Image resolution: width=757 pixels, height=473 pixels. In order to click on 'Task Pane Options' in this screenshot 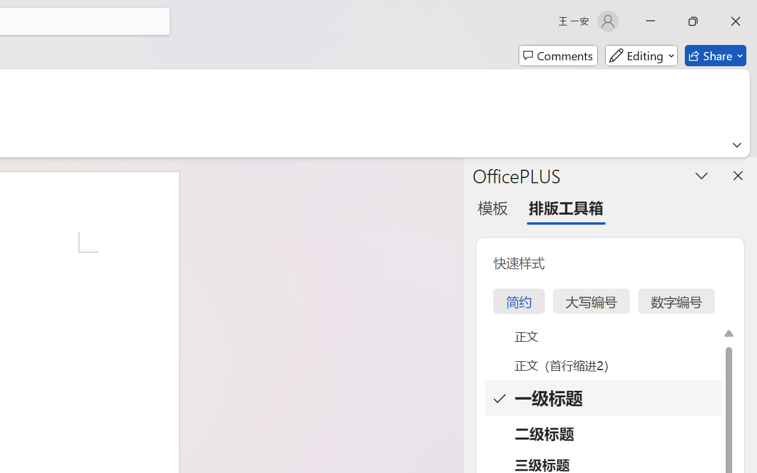, I will do `click(702, 175)`.